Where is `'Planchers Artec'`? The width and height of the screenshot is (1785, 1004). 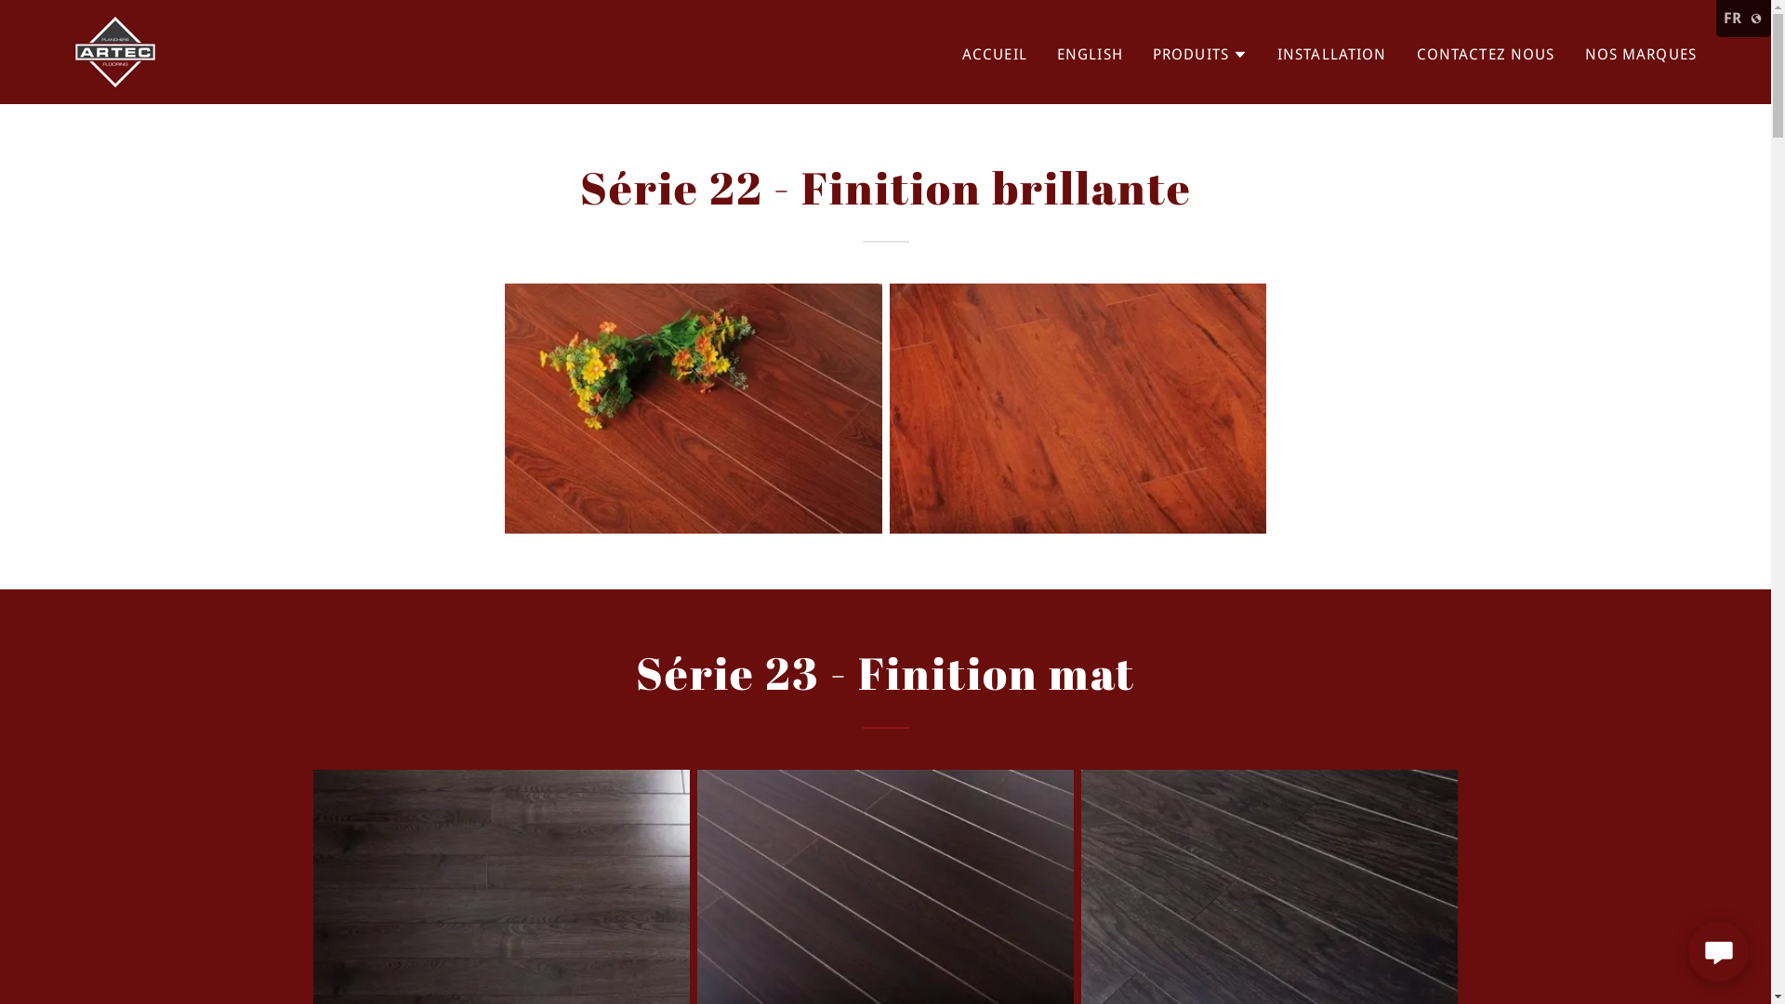 'Planchers Artec' is located at coordinates (114, 49).